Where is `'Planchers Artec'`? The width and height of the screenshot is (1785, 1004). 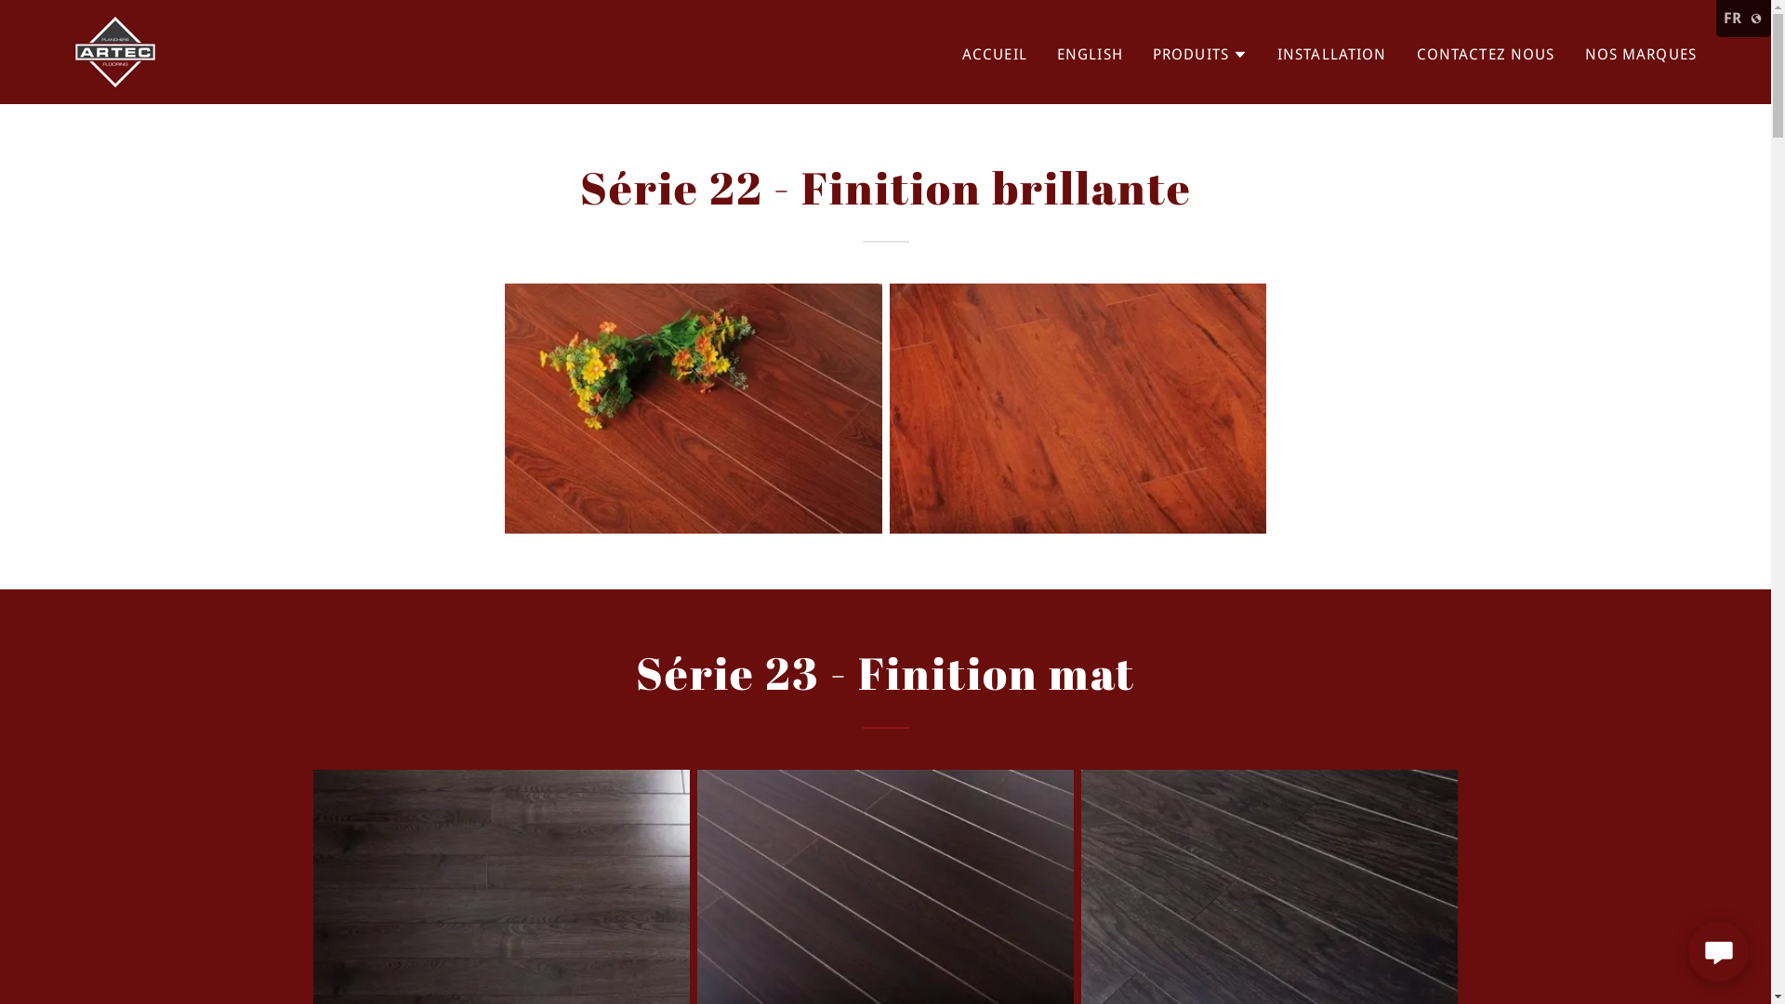 'Planchers Artec' is located at coordinates (114, 49).